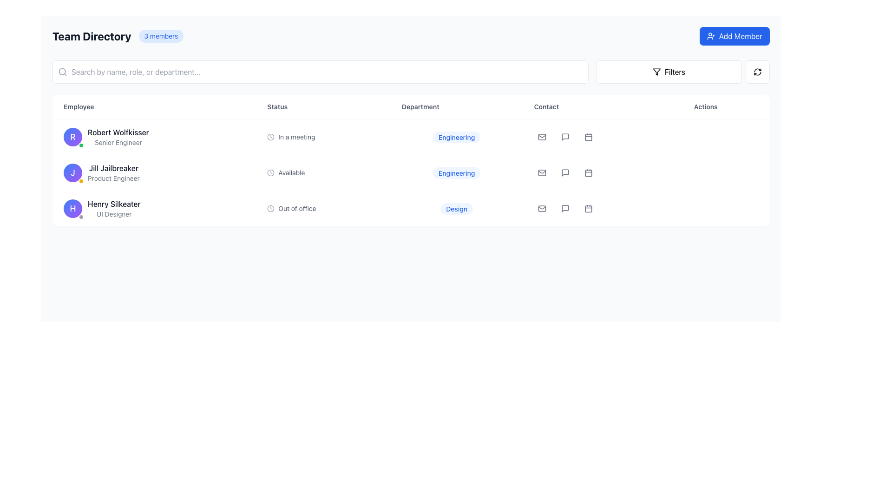 The height and width of the screenshot is (502, 892). What do you see at coordinates (62, 71) in the screenshot?
I see `the small circle graphic element located at the center of the search icon in the search bar at the top of the interface` at bounding box center [62, 71].